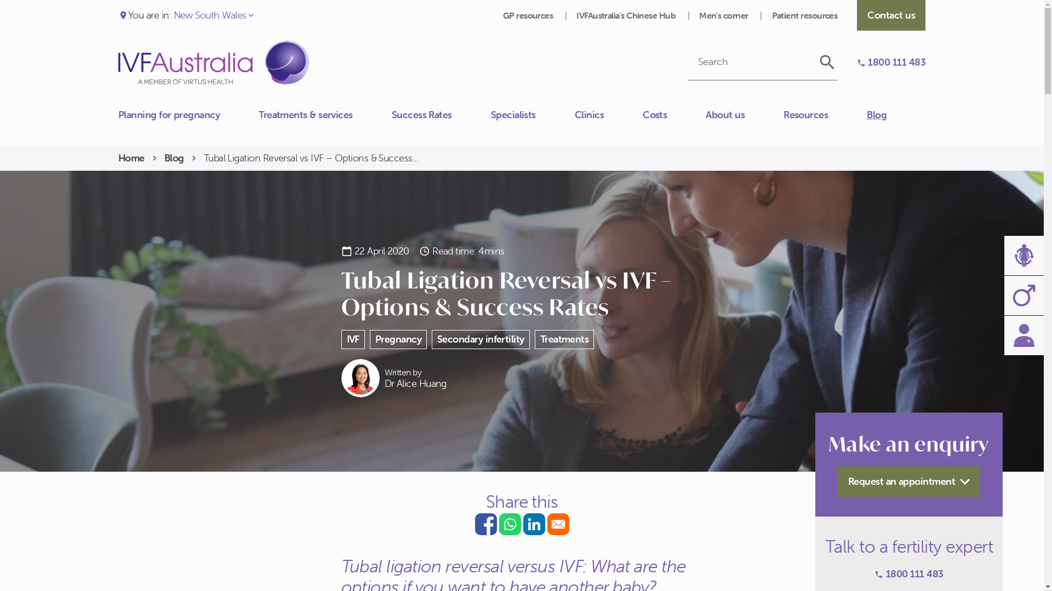 The image size is (1052, 591). I want to click on 'Clinics', so click(608, 114).